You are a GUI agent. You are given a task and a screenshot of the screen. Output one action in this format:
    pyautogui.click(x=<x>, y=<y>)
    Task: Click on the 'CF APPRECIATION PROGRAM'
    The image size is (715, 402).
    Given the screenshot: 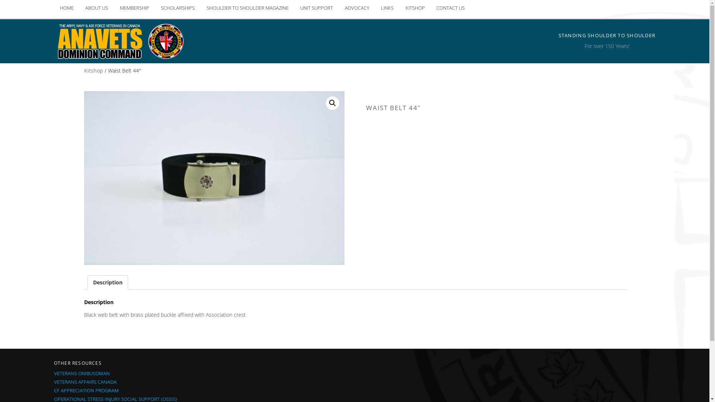 What is the action you would take?
    pyautogui.click(x=86, y=390)
    